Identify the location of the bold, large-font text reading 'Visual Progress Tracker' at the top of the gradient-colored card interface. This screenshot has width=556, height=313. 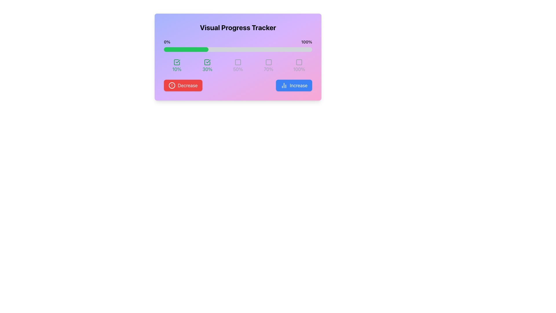
(238, 28).